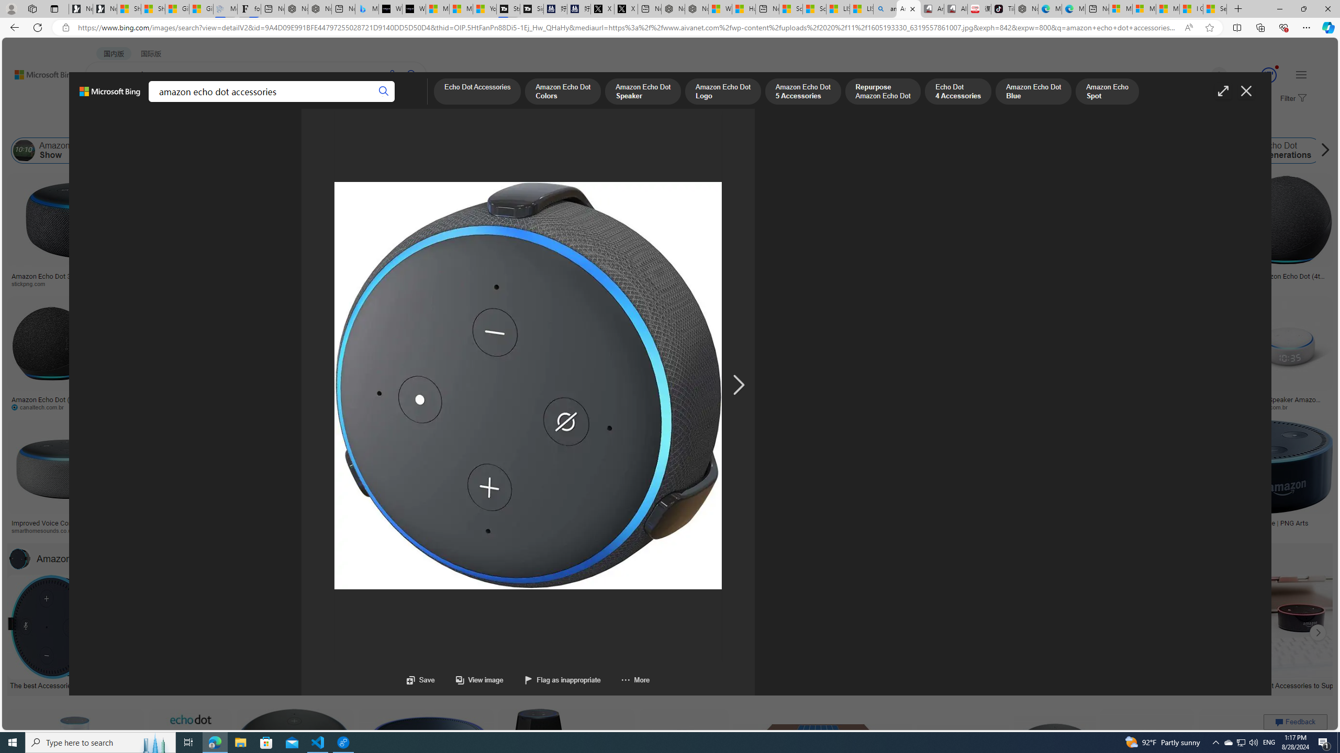 The width and height of the screenshot is (1340, 753). I want to click on 'Improved Voice Control with Sonos & Alexa Echo devices', so click(66, 527).